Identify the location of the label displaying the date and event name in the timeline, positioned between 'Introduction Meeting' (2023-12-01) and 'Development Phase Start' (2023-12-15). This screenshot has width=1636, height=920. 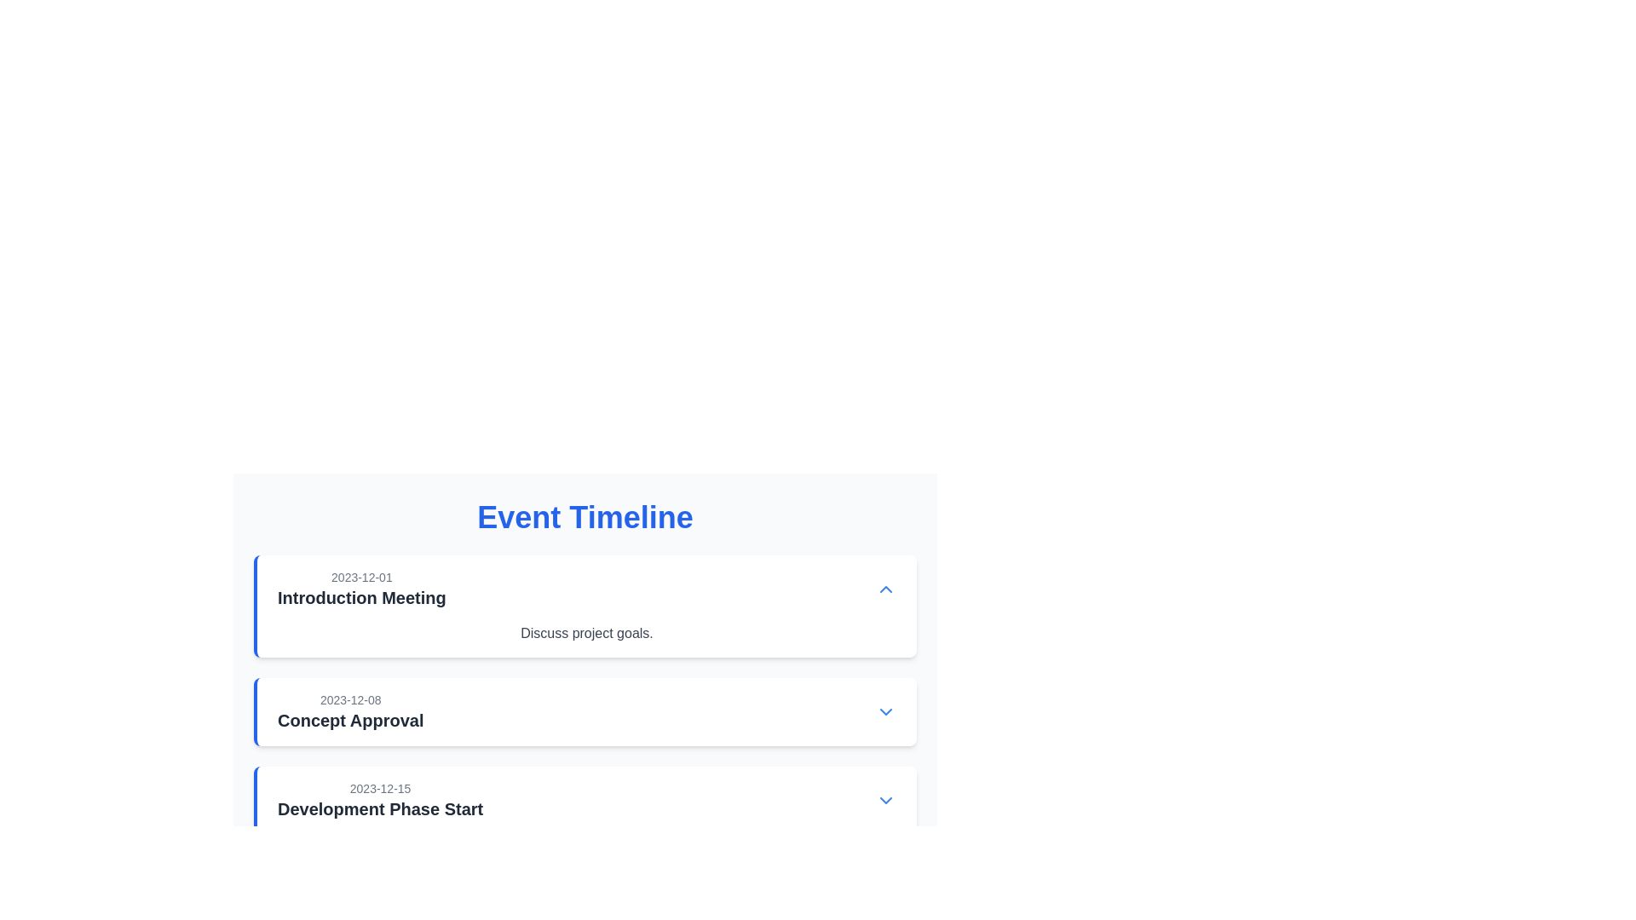
(349, 712).